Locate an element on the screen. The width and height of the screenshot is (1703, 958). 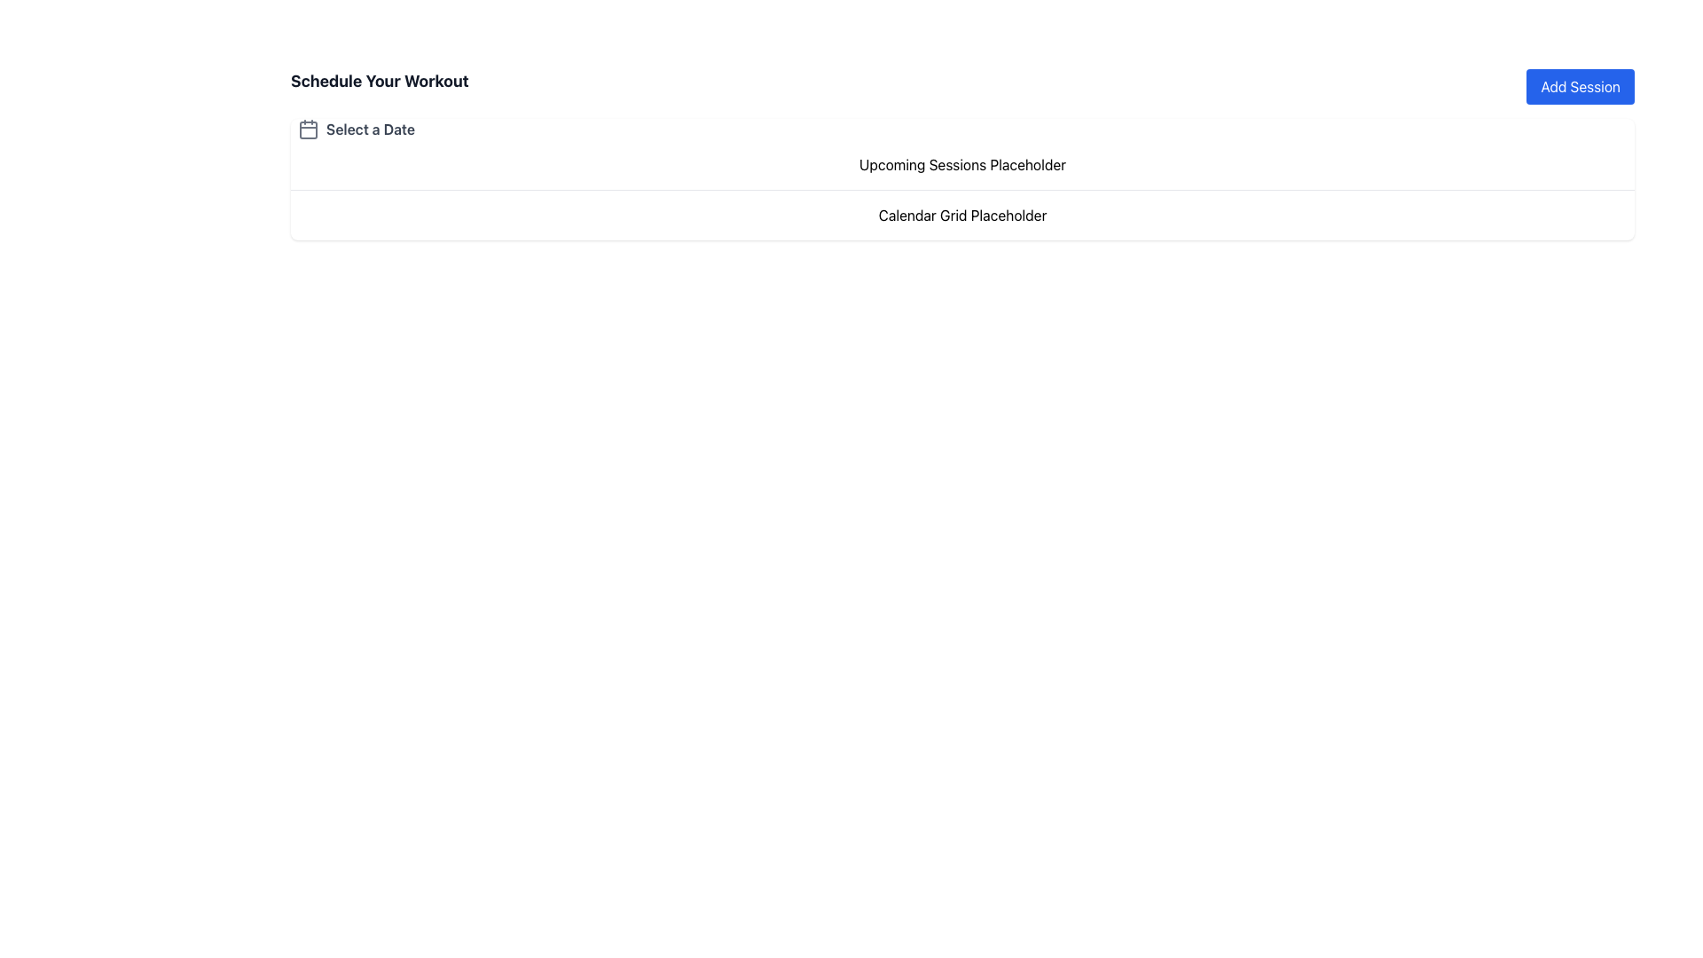
the Text Display element containing the text 'Upcoming Sessions Placeholder', which is prominently positioned above the 'Calendar Grid Placeholder' is located at coordinates (961, 164).